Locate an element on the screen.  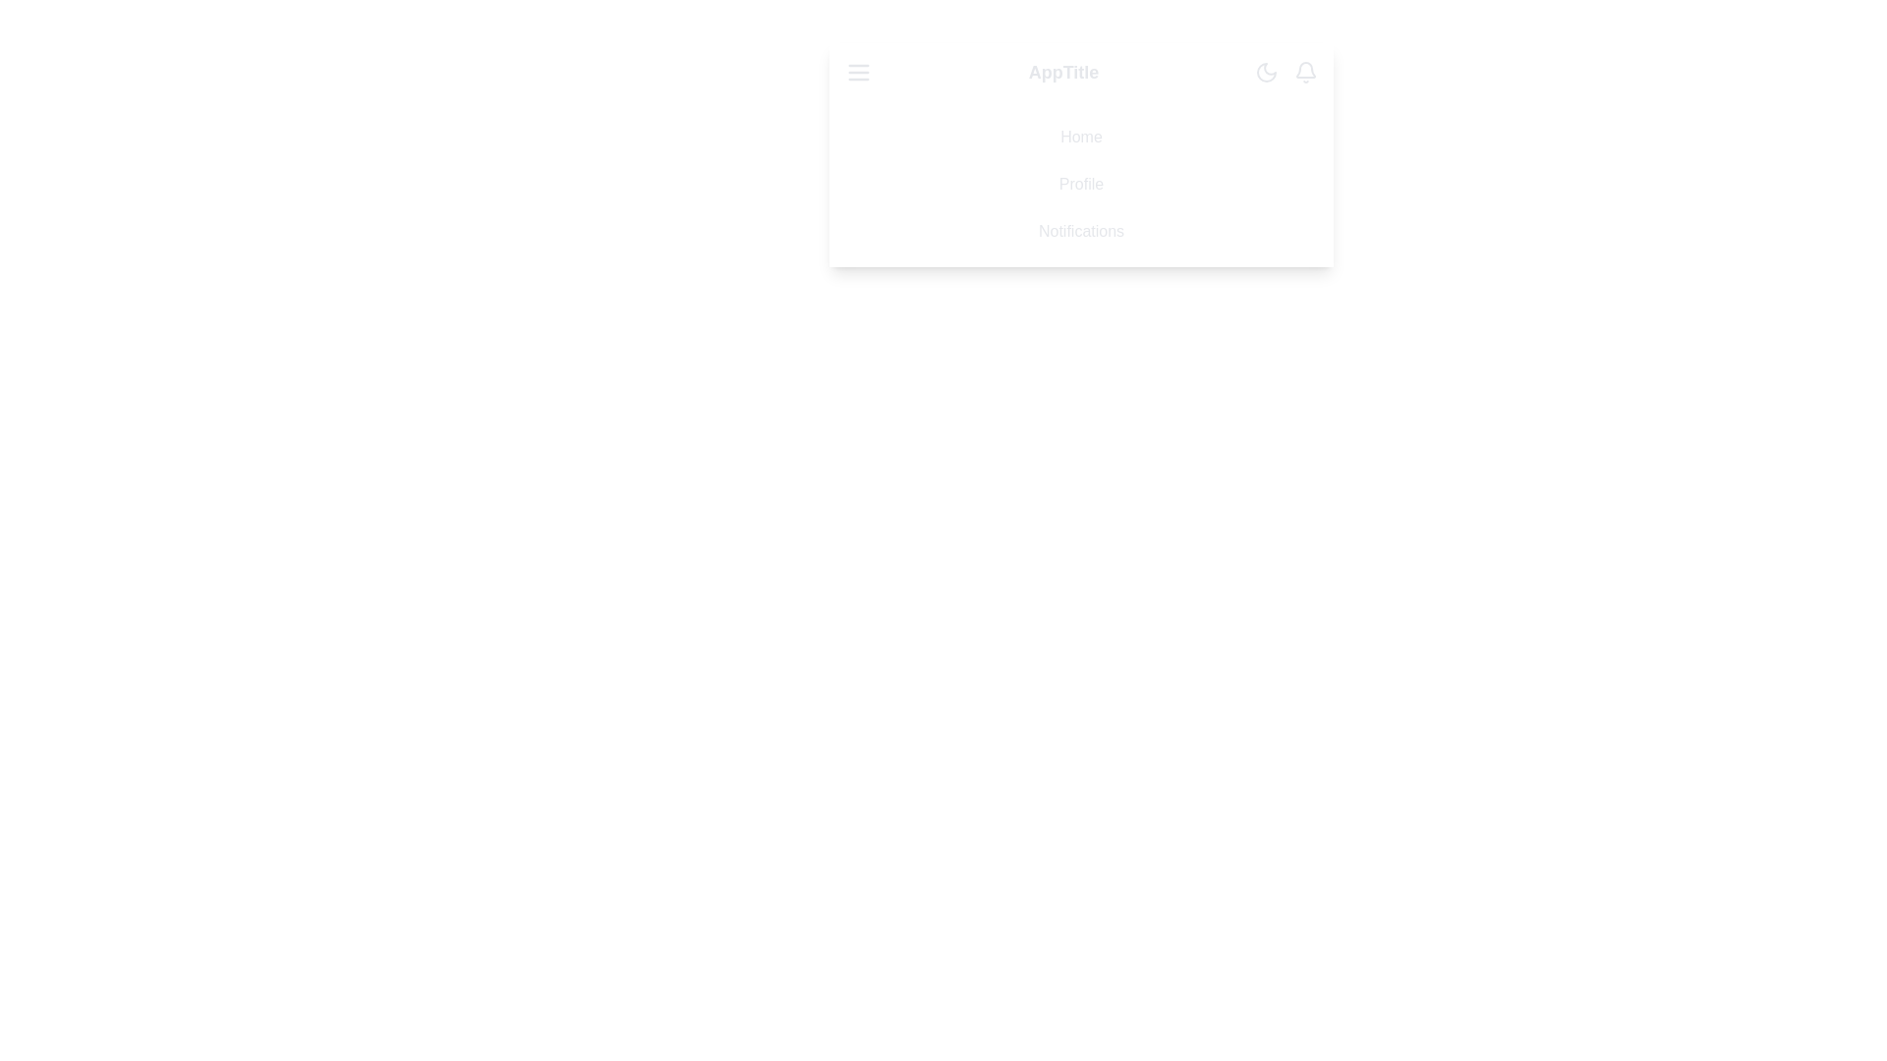
the button containing the moon icon to toggle between dark and light modes is located at coordinates (1266, 71).